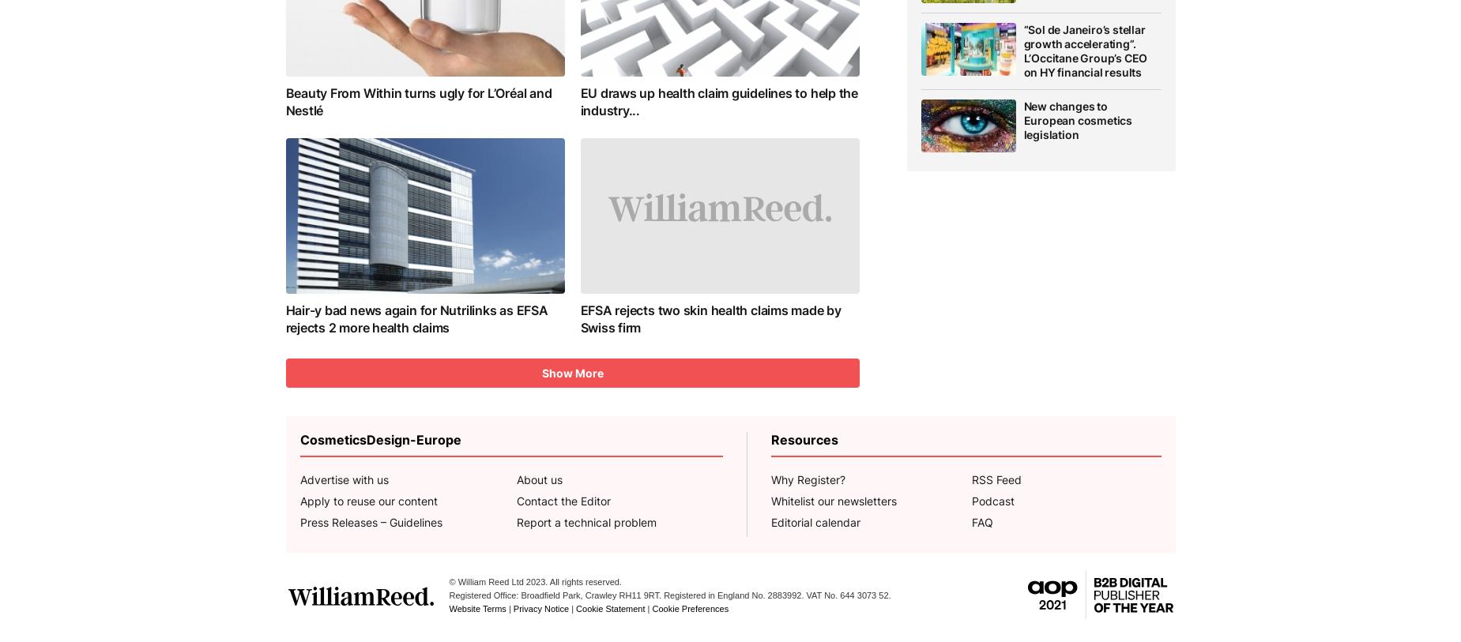  Describe the element at coordinates (996, 479) in the screenshot. I see `'RSS Feed'` at that location.